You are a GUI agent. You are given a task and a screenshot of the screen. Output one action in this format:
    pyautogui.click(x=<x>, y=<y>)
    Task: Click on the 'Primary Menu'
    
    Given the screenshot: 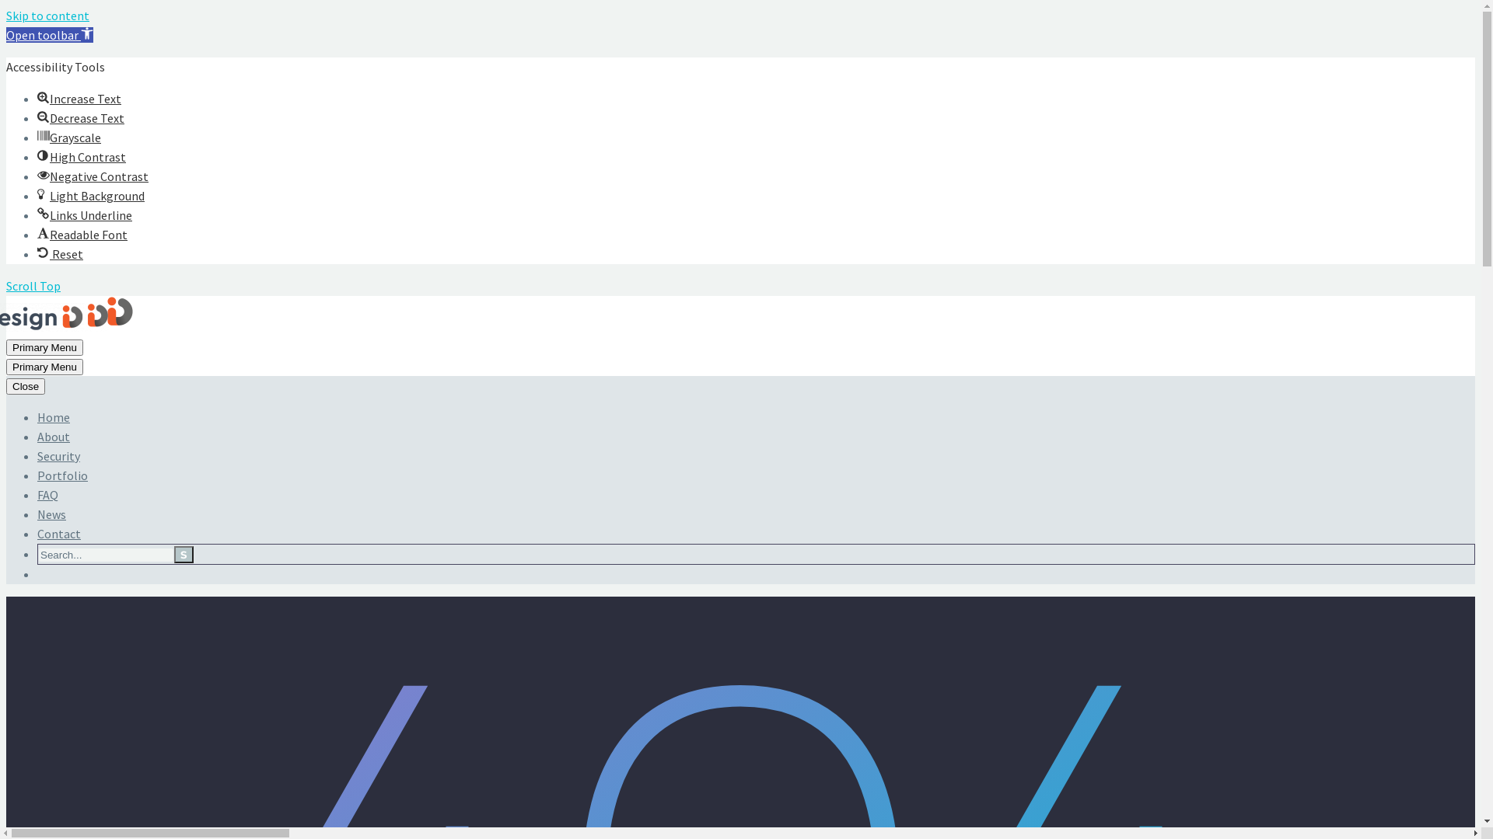 What is the action you would take?
    pyautogui.click(x=44, y=346)
    